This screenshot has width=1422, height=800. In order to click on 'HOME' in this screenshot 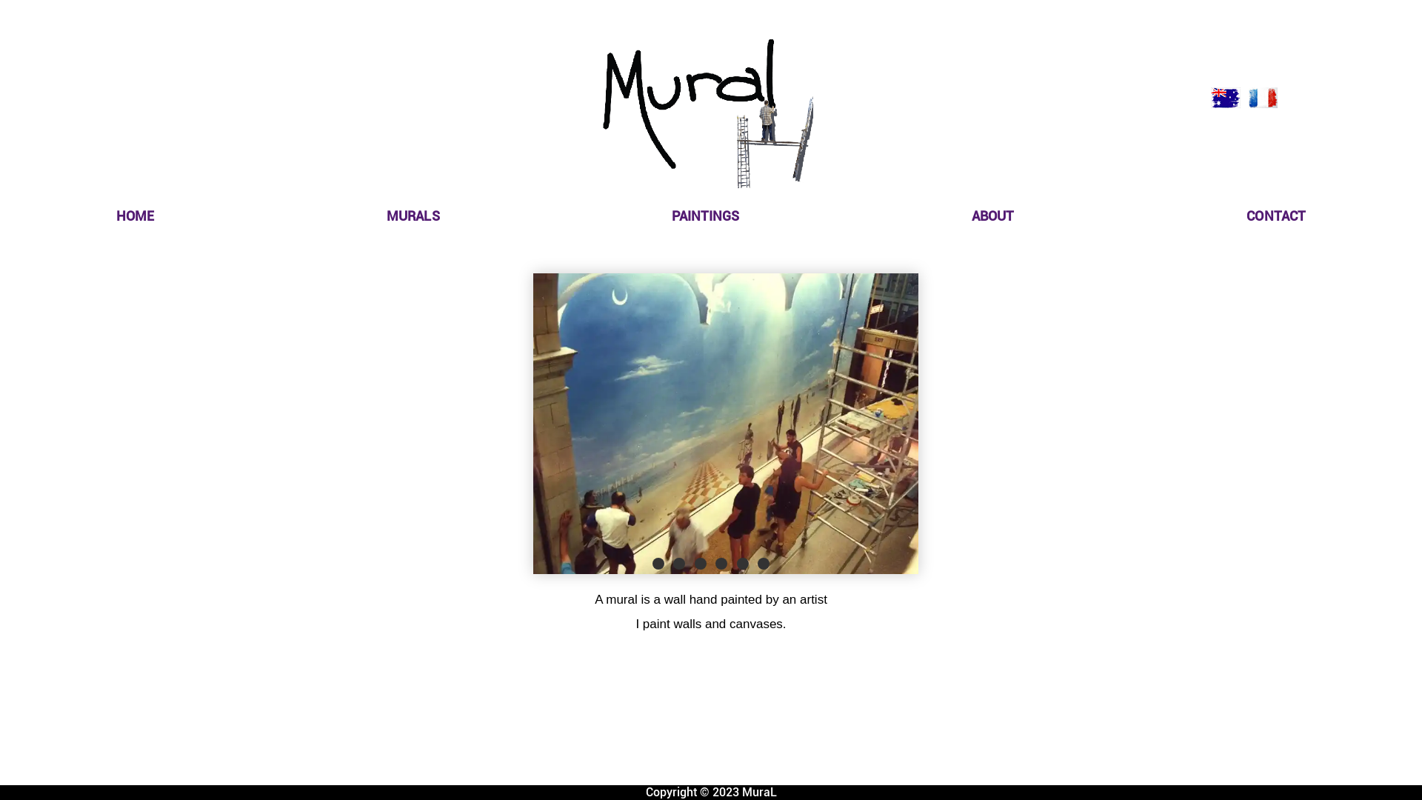, I will do `click(135, 216)`.